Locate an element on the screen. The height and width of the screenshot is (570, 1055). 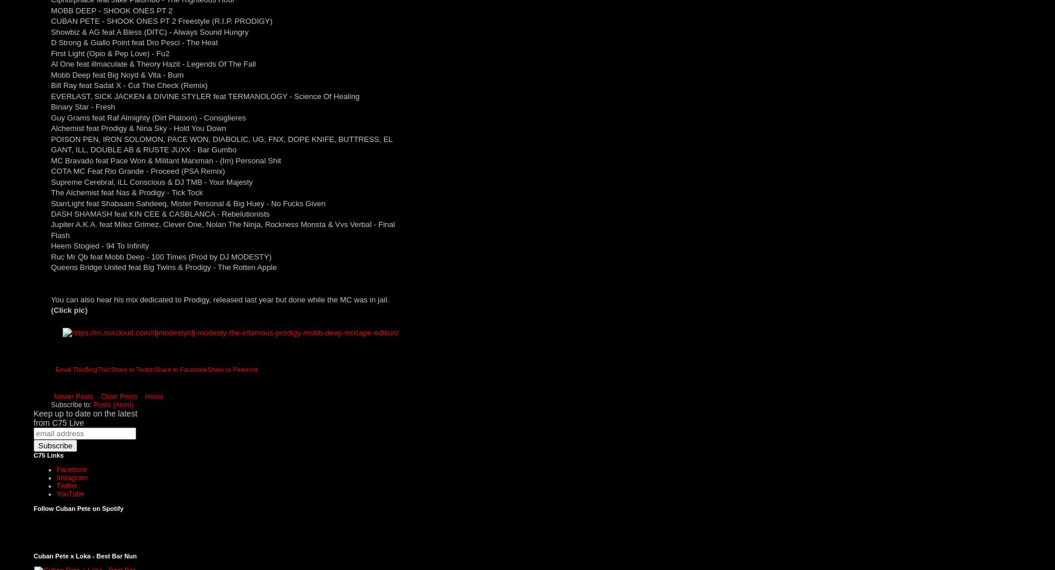
'Showbiz & AG feat A Bless (DITC) - Always Sound Hungry' is located at coordinates (150, 31).